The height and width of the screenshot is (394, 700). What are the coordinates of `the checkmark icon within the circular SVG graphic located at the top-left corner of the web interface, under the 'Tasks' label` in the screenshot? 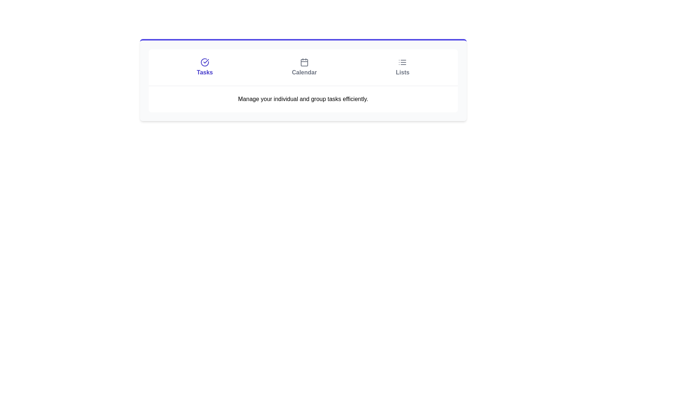 It's located at (206, 61).